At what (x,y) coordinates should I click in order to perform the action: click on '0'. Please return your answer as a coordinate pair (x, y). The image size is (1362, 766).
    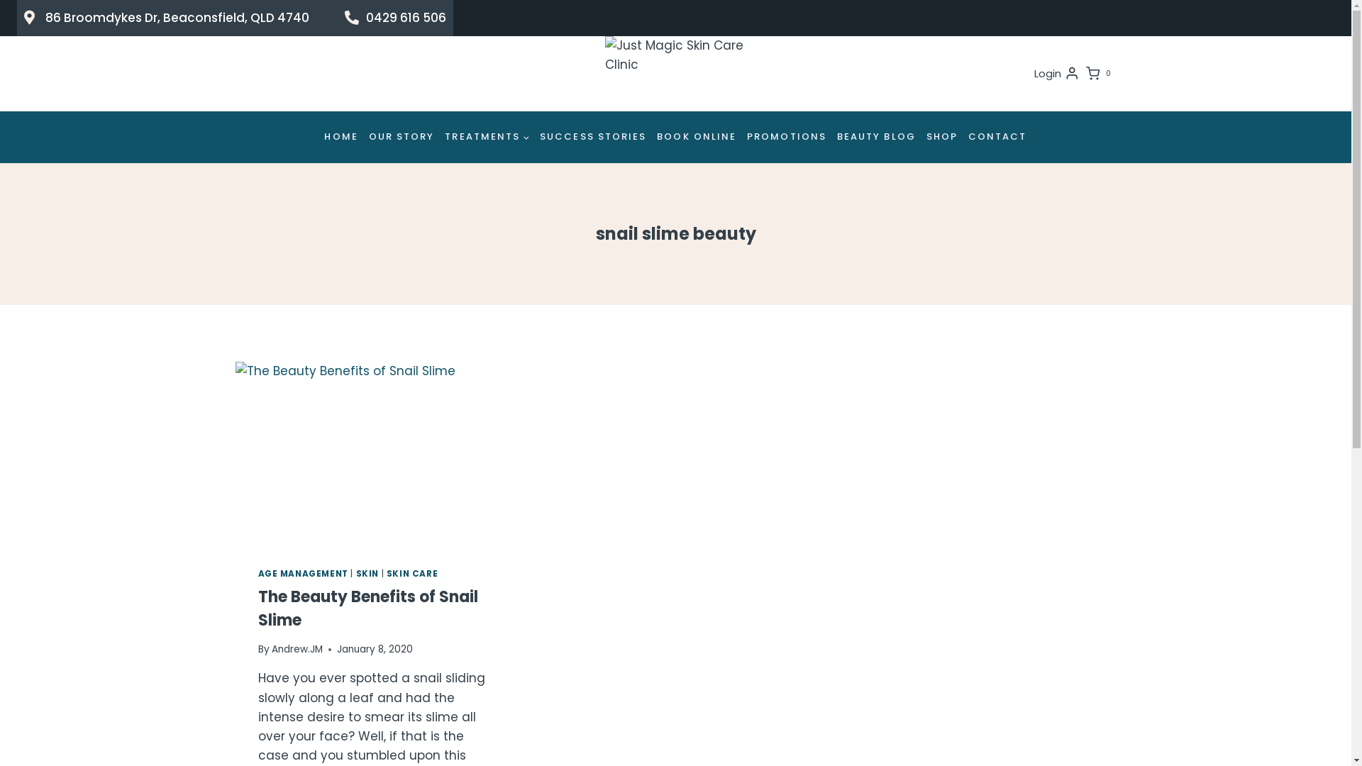
    Looking at the image, I should click on (1100, 74).